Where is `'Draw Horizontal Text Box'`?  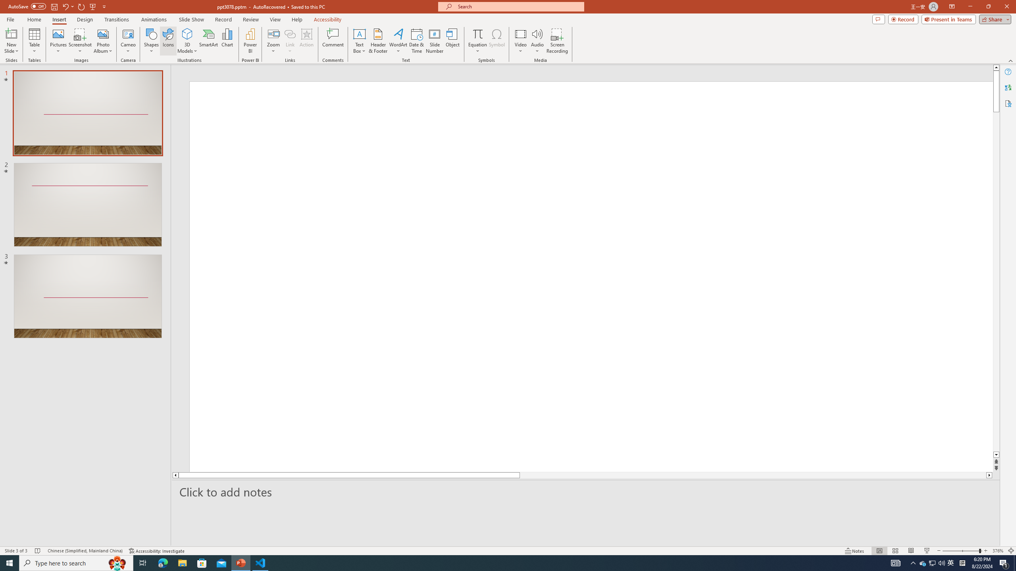
'Draw Horizontal Text Box' is located at coordinates (359, 33).